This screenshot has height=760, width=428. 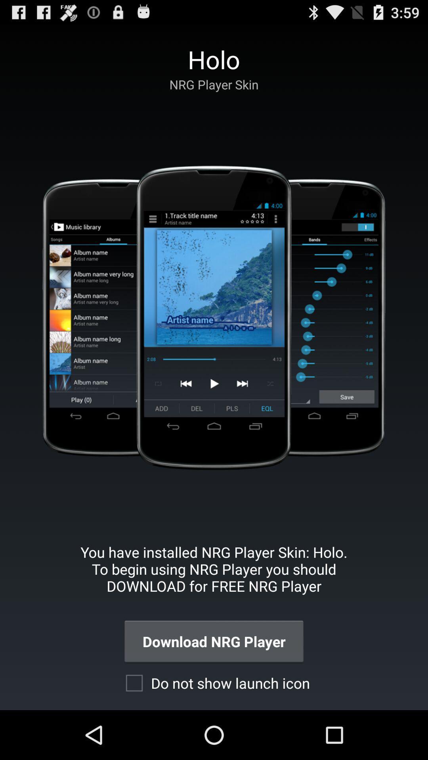 What do you see at coordinates (213, 317) in the screenshot?
I see `the item at the center` at bounding box center [213, 317].